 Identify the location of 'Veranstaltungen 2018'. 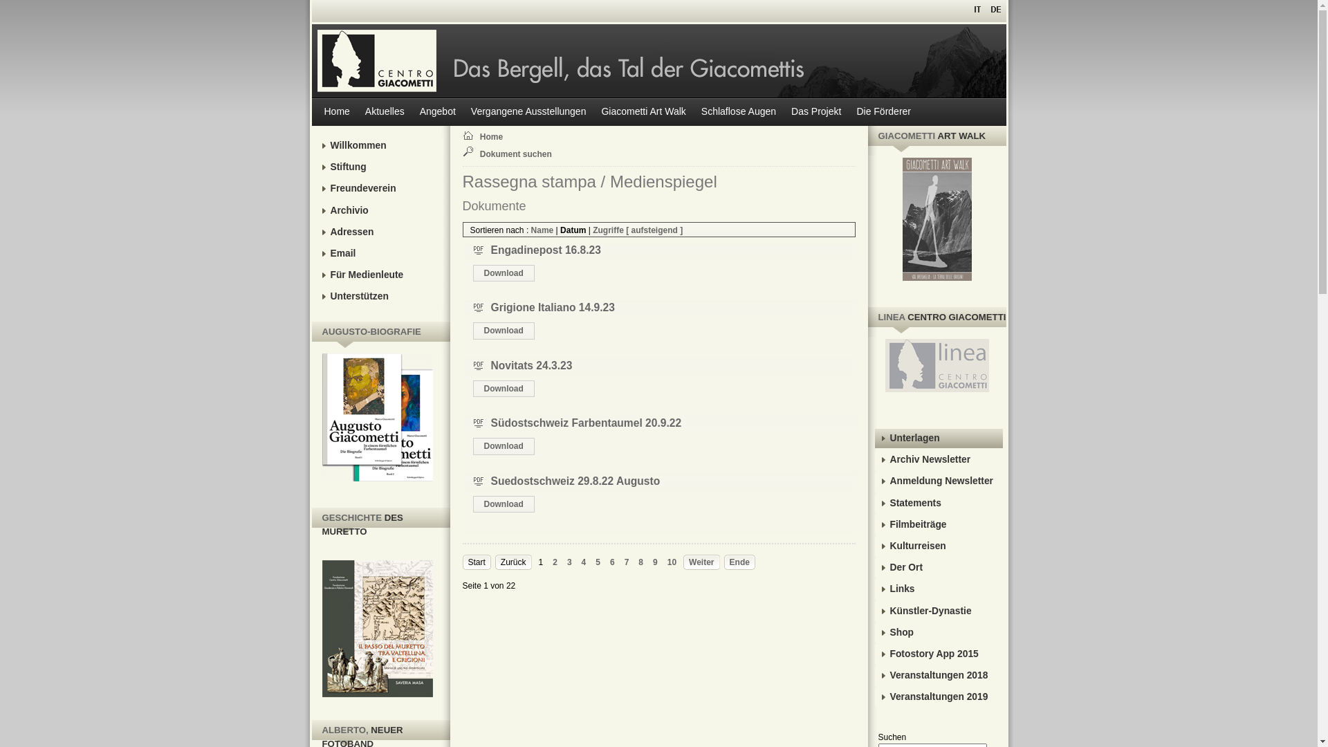
(938, 674).